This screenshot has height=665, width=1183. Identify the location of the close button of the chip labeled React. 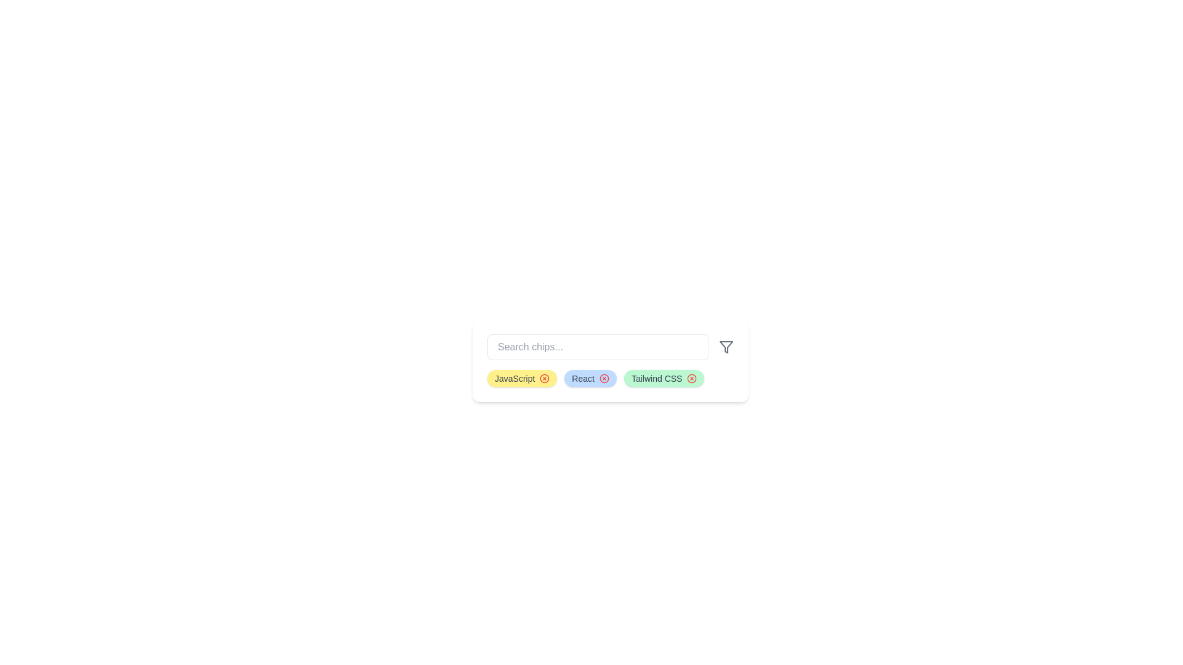
(604, 377).